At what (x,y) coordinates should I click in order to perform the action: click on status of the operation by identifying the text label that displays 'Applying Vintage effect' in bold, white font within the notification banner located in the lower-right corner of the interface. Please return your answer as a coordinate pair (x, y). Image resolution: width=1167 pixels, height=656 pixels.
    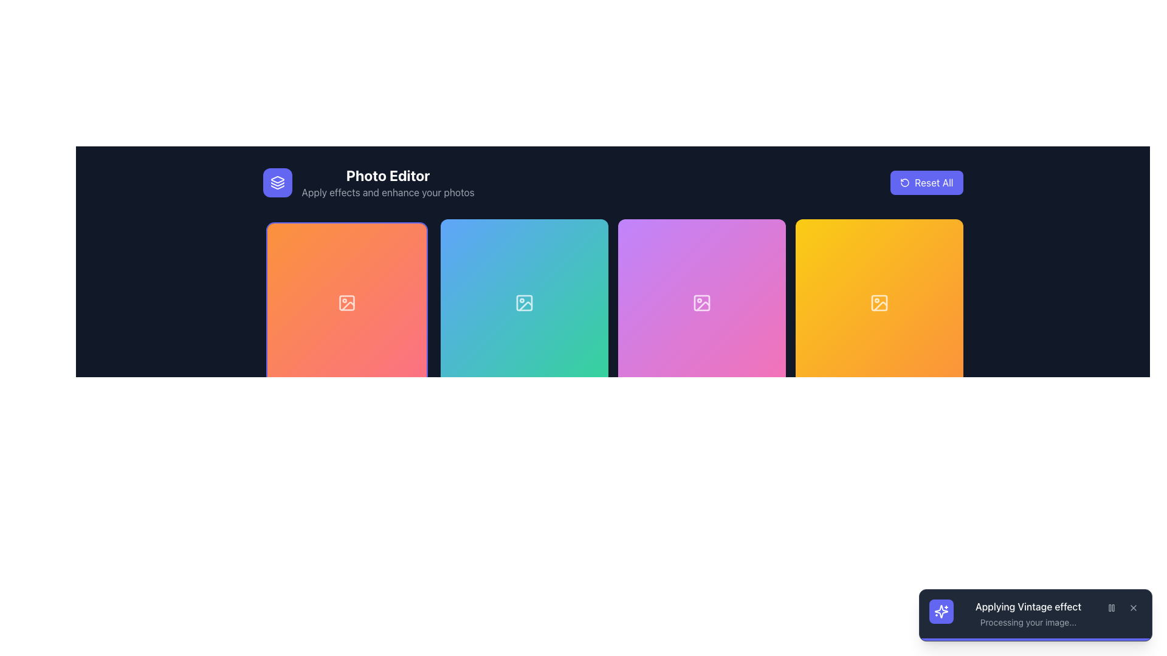
    Looking at the image, I should click on (1027, 607).